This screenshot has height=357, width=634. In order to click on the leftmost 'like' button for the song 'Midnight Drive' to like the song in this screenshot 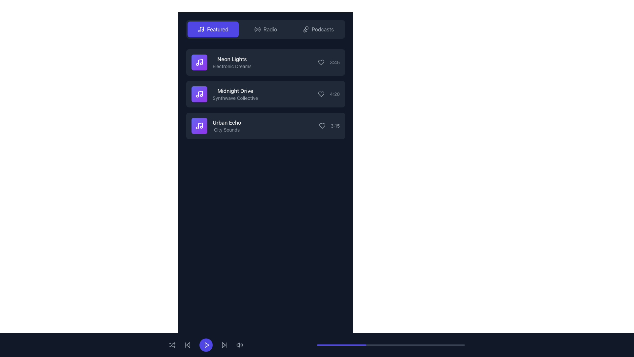, I will do `click(321, 94)`.